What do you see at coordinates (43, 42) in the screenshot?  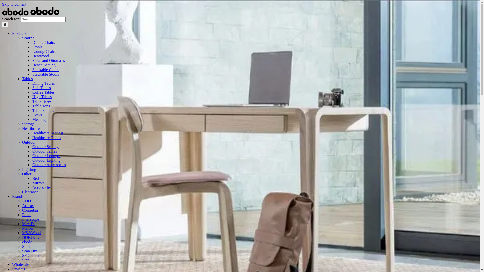 I see `'Dining Chairs'` at bounding box center [43, 42].